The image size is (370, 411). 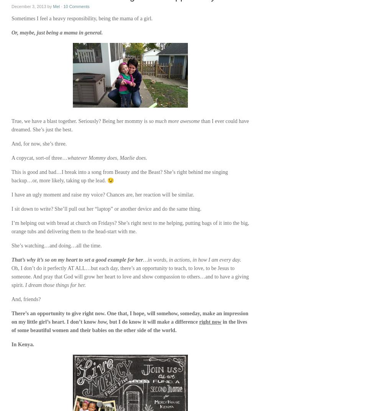 What do you see at coordinates (56, 245) in the screenshot?
I see `'She’s watching…and doing…all the time.'` at bounding box center [56, 245].